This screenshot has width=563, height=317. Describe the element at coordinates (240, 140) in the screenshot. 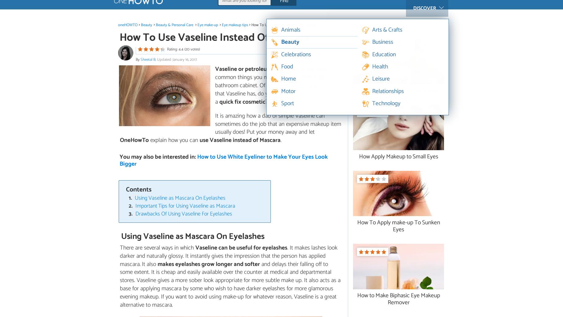

I see `'use Vaseline instead of Mascara'` at that location.